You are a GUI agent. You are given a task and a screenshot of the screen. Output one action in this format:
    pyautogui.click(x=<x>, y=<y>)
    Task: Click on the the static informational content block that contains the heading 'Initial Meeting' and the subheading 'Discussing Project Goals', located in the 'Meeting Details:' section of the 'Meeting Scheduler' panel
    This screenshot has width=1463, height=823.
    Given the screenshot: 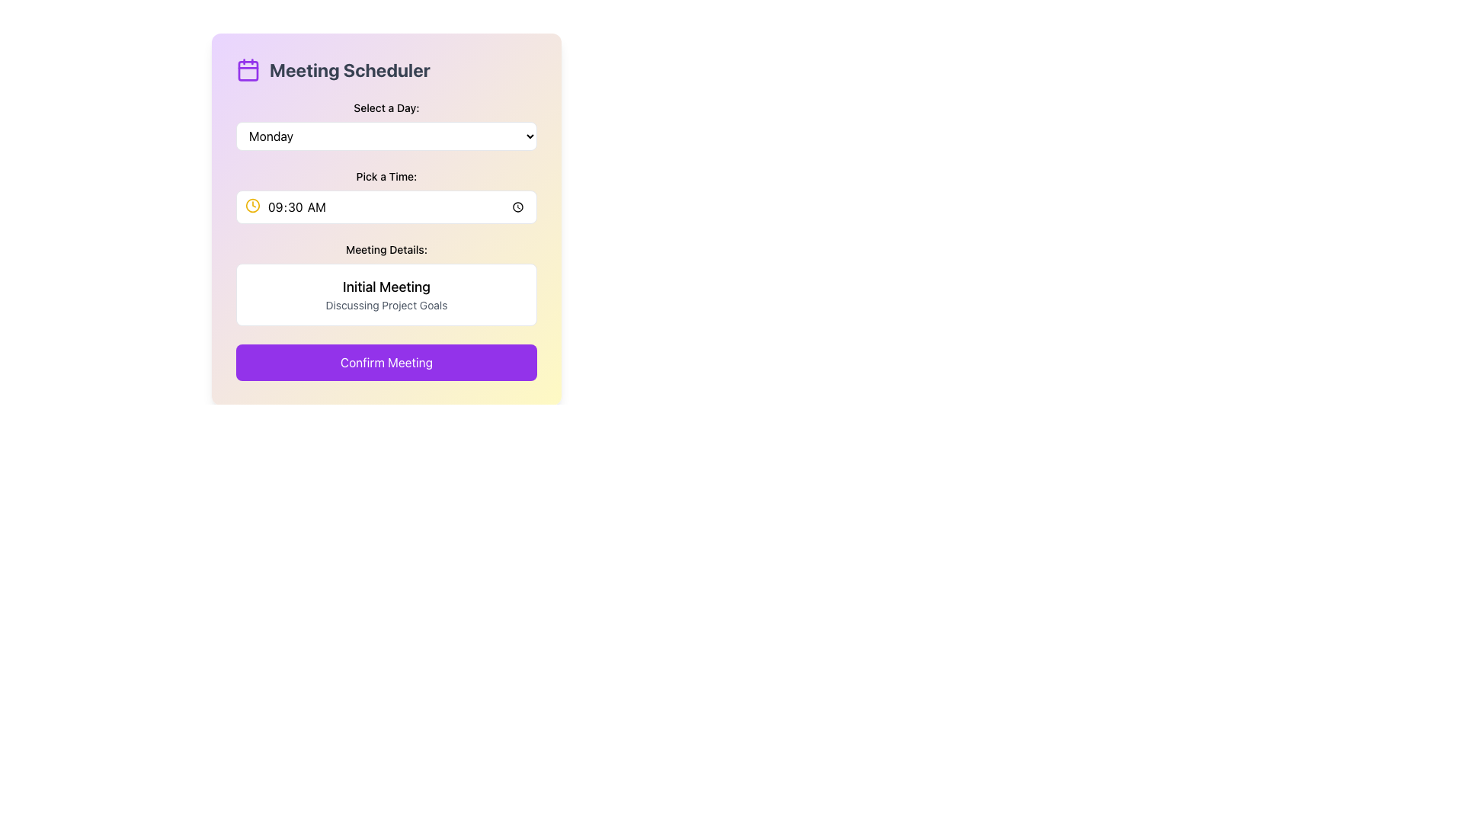 What is the action you would take?
    pyautogui.click(x=386, y=294)
    